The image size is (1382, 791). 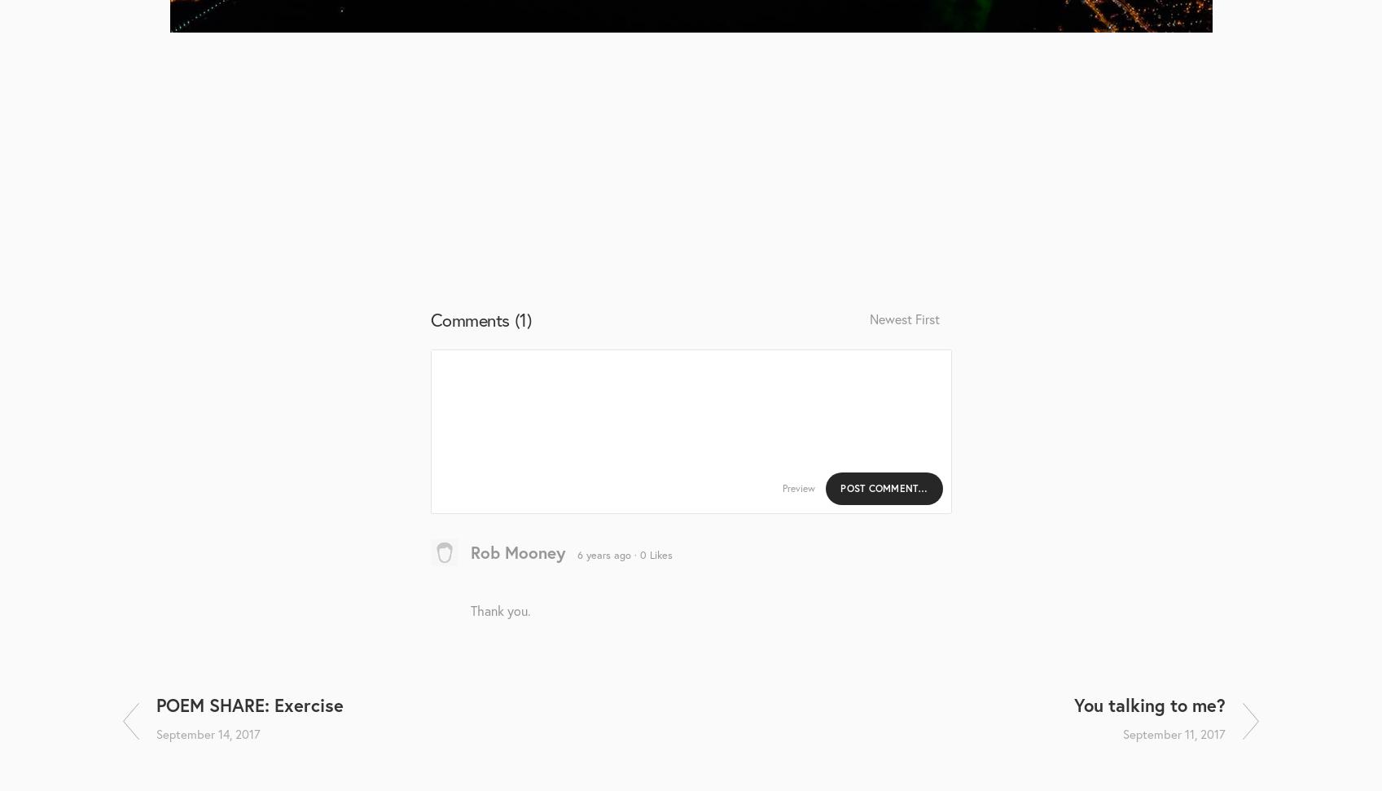 I want to click on 'You talking to me?', so click(x=1073, y=705).